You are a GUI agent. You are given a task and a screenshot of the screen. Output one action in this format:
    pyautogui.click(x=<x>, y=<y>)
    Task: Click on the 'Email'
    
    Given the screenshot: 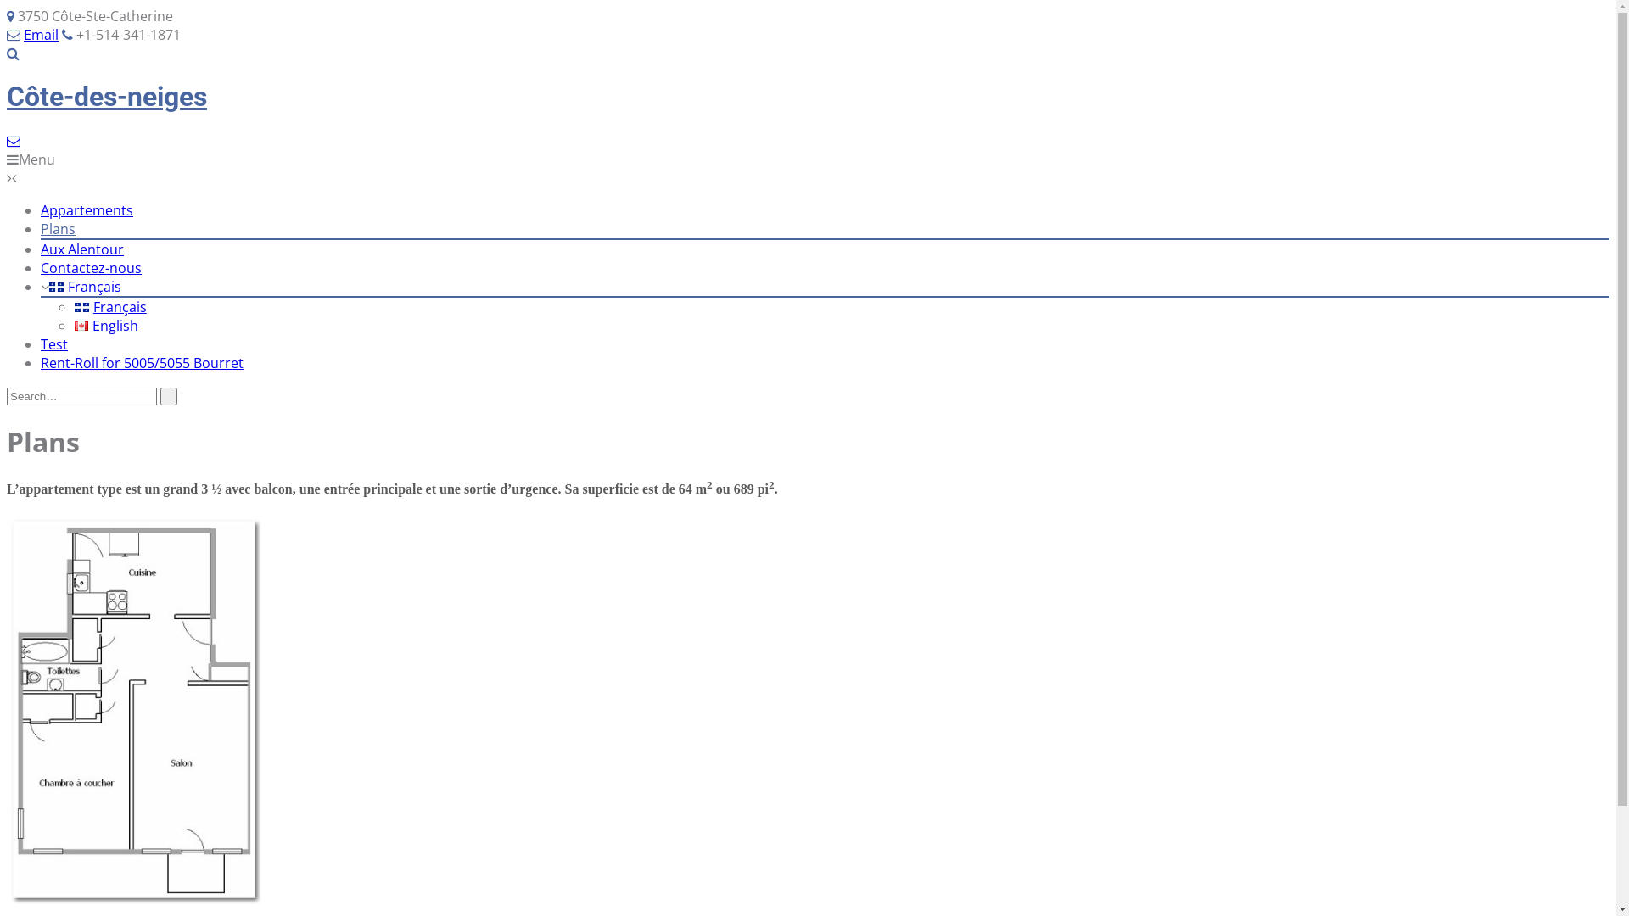 What is the action you would take?
    pyautogui.click(x=41, y=35)
    